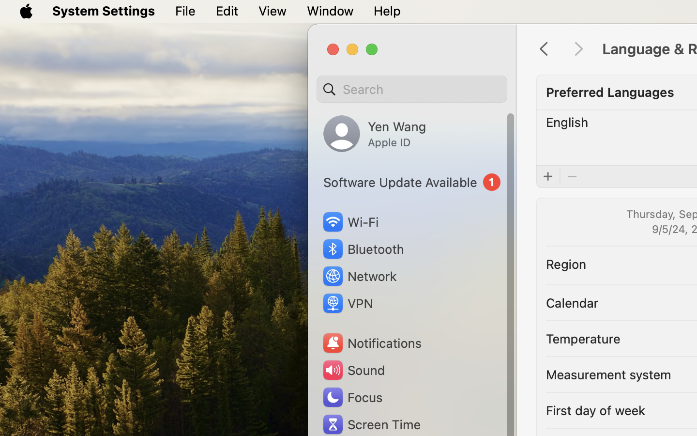 The height and width of the screenshot is (436, 697). I want to click on 'Focus', so click(351, 397).